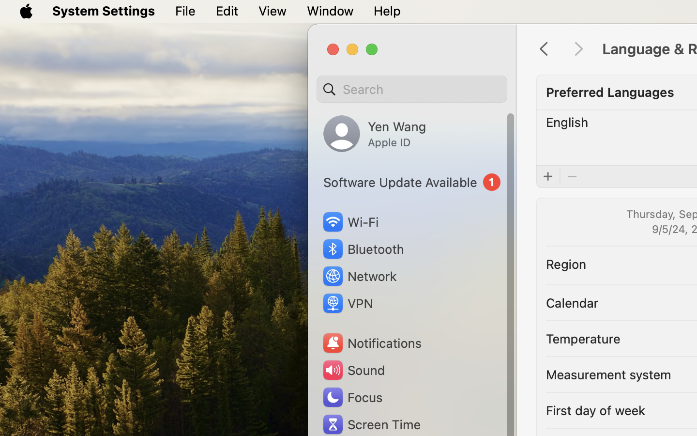 The height and width of the screenshot is (436, 697). I want to click on 'Focus', so click(351, 397).